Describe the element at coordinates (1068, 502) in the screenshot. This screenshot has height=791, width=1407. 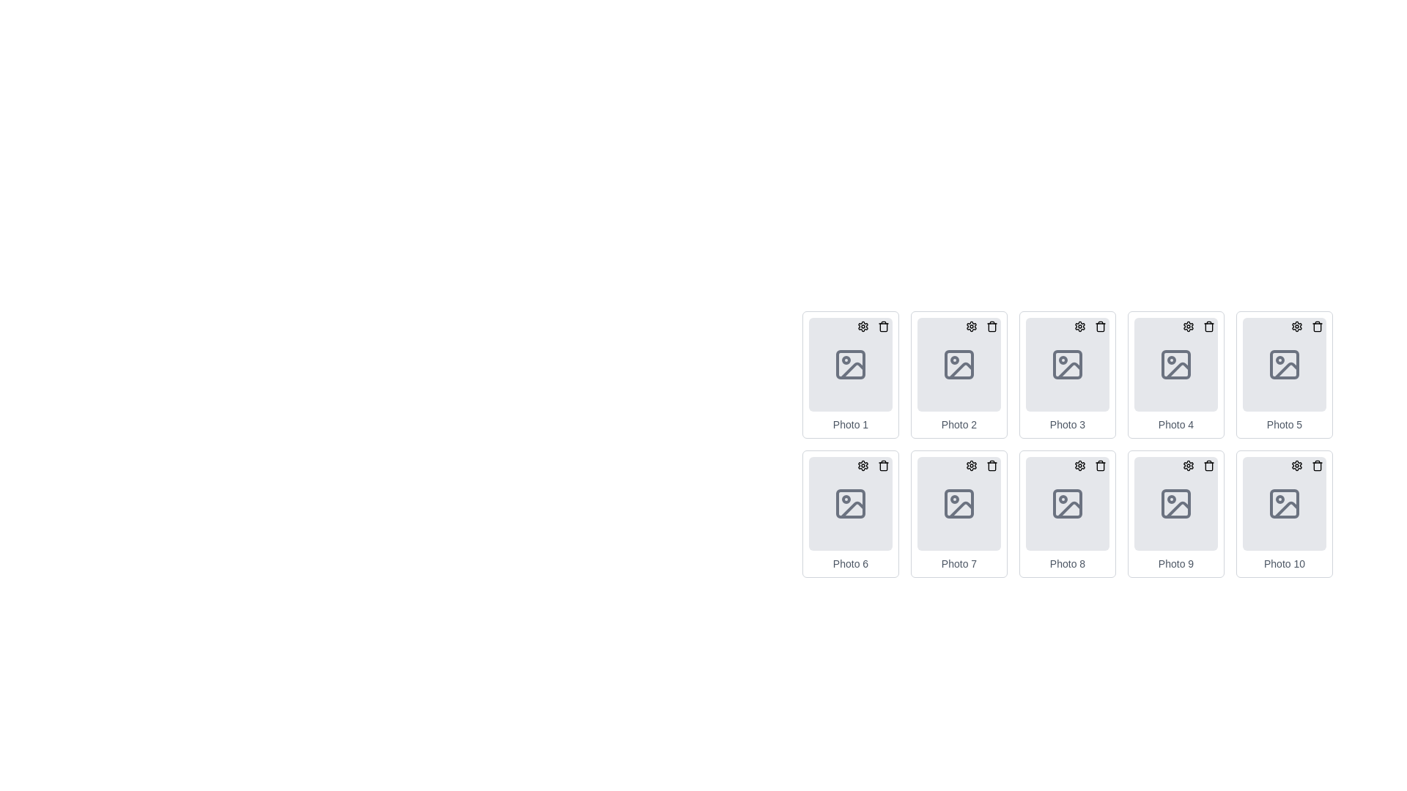
I see `an image onto the Image Placeholder labeled 'Photo 8' which has a light gray background and an icon representing a photo` at that location.